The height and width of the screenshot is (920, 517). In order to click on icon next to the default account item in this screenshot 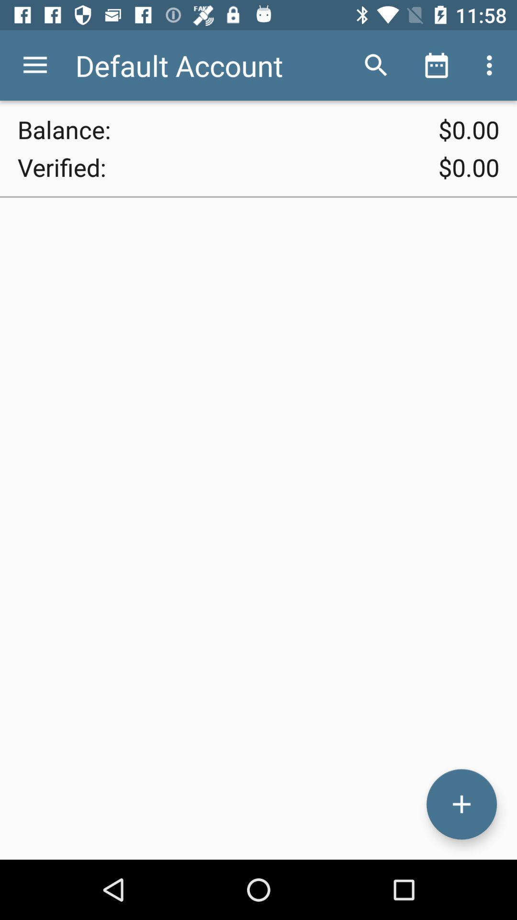, I will do `click(376, 65)`.